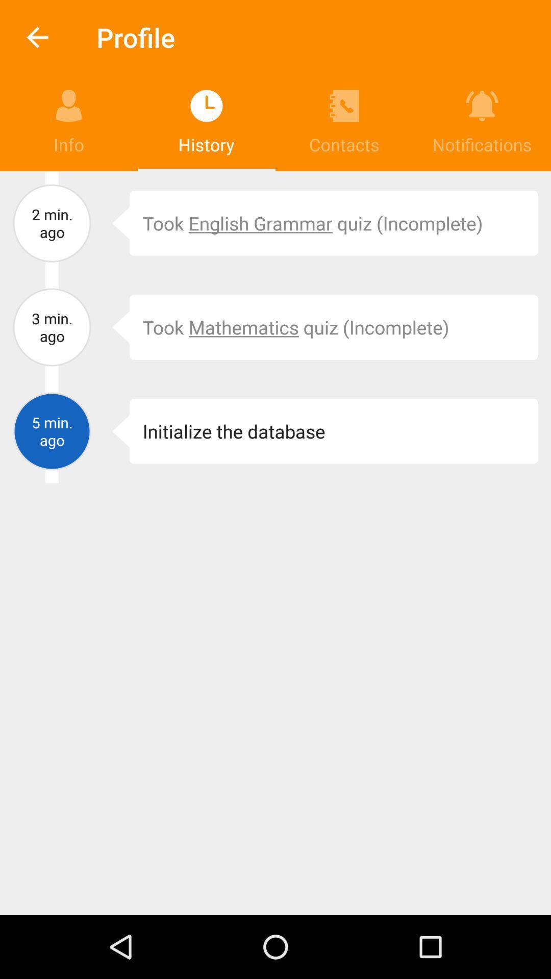 This screenshot has height=979, width=551. Describe the element at coordinates (113, 222) in the screenshot. I see `app next to 2 min. ago` at that location.